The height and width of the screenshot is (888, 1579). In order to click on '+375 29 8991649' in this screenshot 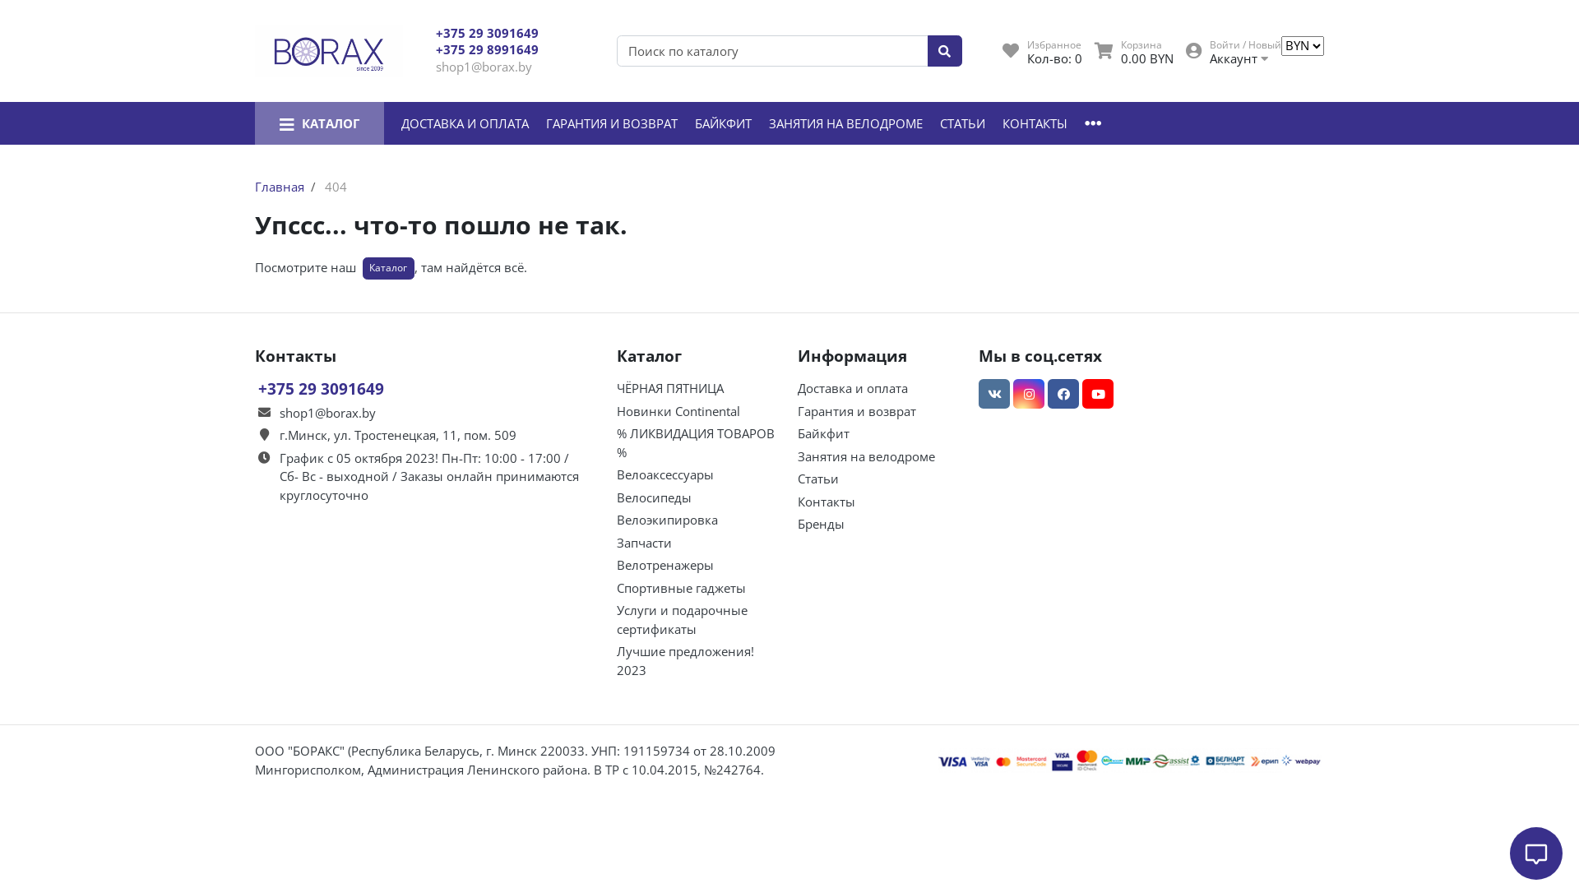, I will do `click(486, 49)`.